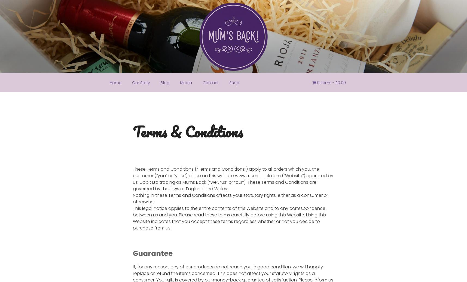 The image size is (467, 282). Describe the element at coordinates (324, 82) in the screenshot. I see `'0 items'` at that location.